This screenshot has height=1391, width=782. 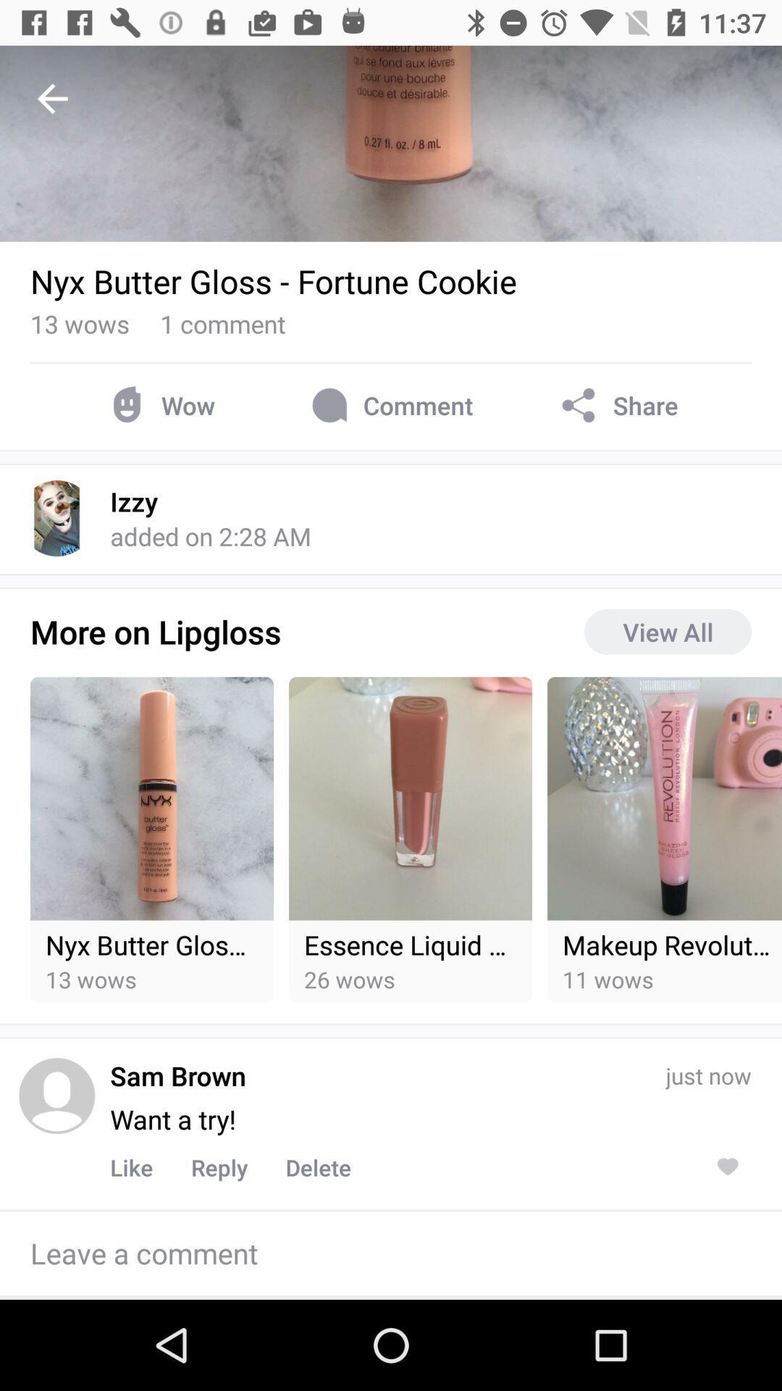 I want to click on open profile picture, so click(x=56, y=1095).